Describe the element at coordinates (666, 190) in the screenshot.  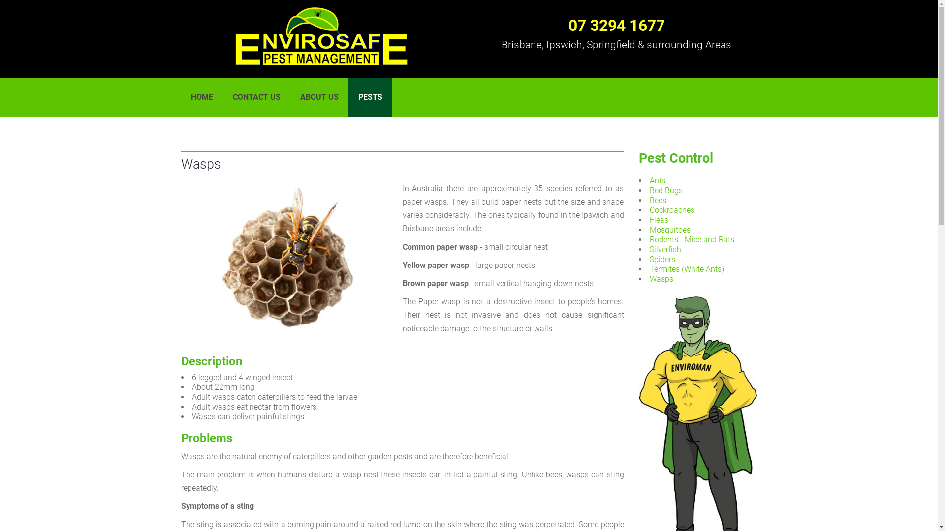
I see `'Bed Bugs'` at that location.